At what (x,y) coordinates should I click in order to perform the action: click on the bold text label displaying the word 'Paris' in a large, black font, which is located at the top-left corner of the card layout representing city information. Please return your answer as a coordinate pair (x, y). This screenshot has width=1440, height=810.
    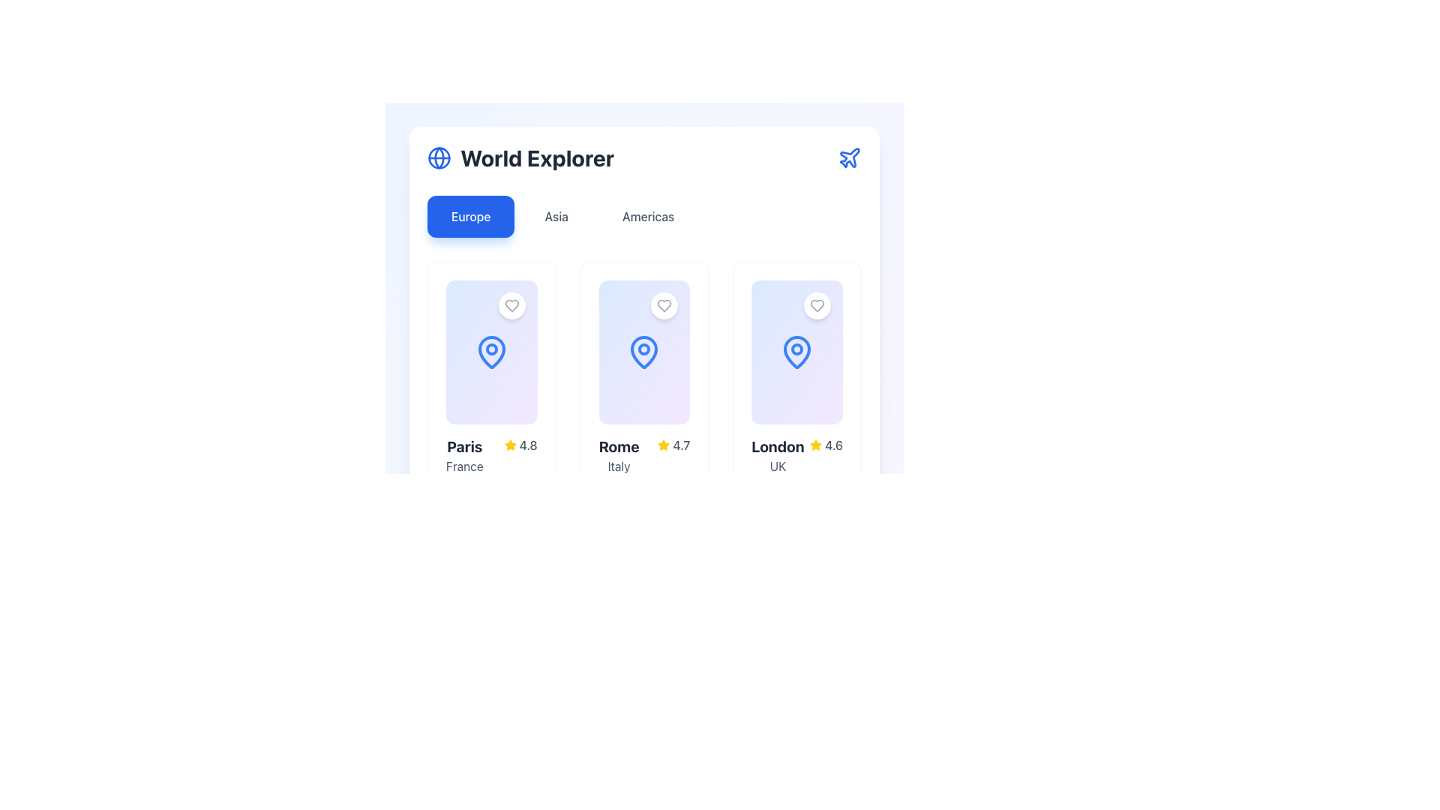
    Looking at the image, I should click on (463, 446).